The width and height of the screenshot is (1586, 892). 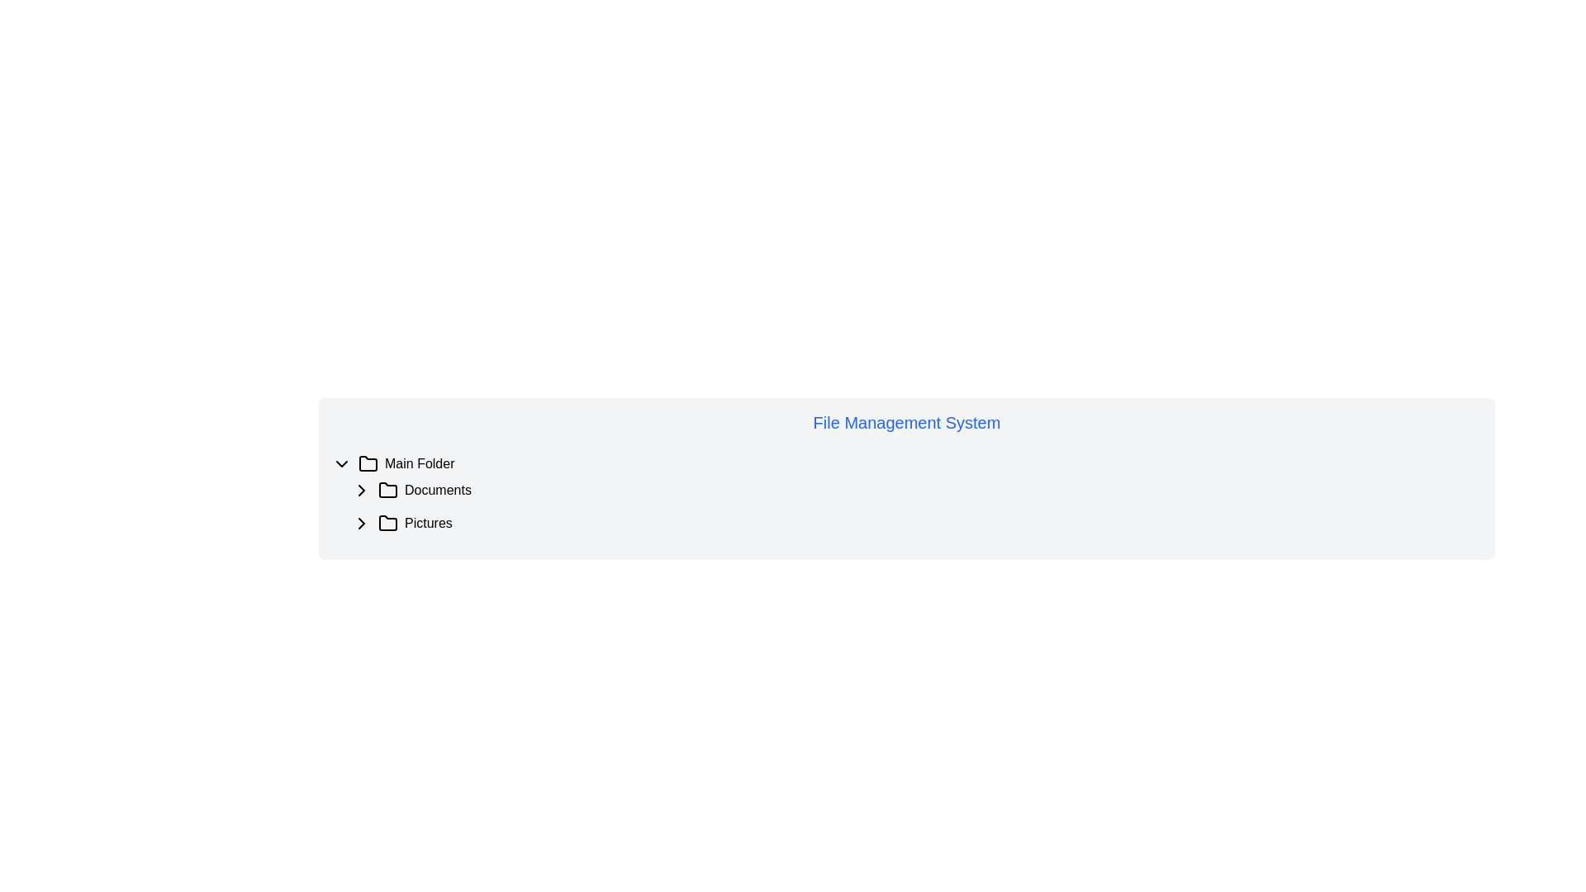 I want to click on the 'Pictures' label in the tree view structure, which is the third item under 'Main Folder' and 'Documents', so click(x=428, y=523).